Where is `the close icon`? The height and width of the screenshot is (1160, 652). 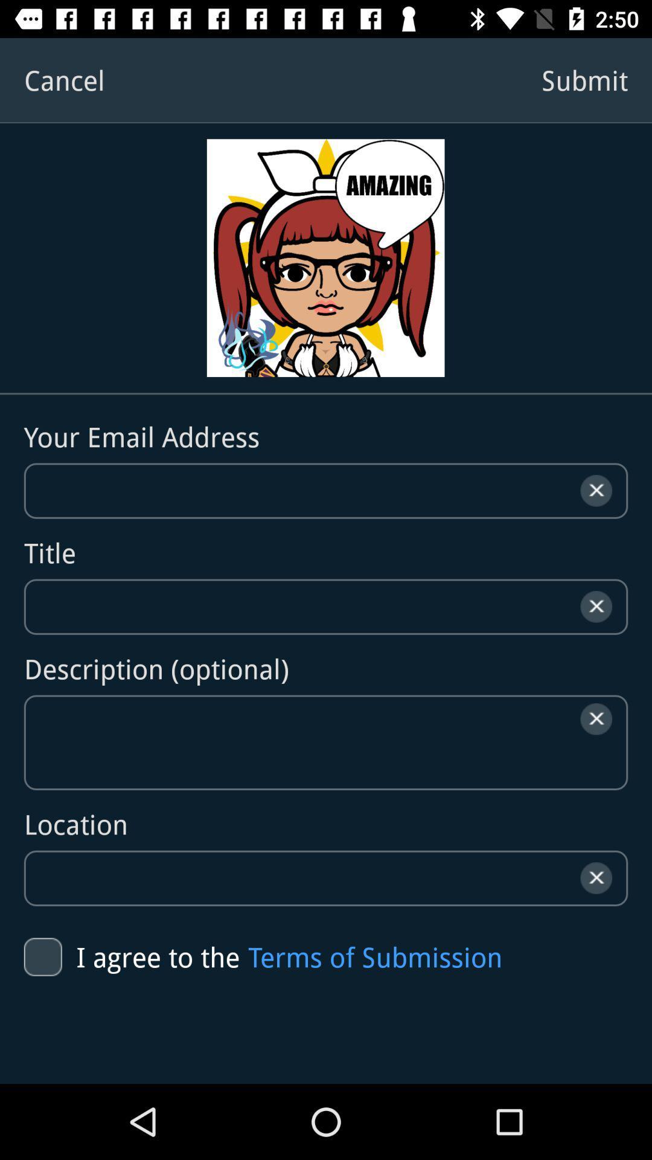
the close icon is located at coordinates (595, 719).